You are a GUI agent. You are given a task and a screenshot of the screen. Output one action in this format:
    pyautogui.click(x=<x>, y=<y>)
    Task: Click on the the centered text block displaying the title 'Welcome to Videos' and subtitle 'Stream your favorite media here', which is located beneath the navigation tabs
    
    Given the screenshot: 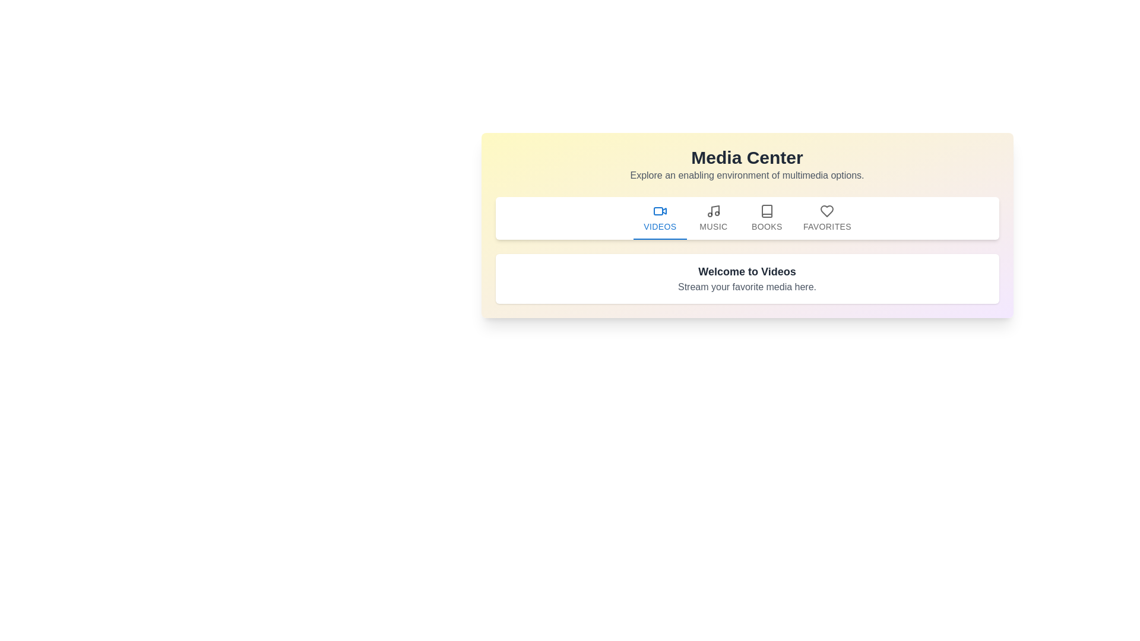 What is the action you would take?
    pyautogui.click(x=746, y=279)
    